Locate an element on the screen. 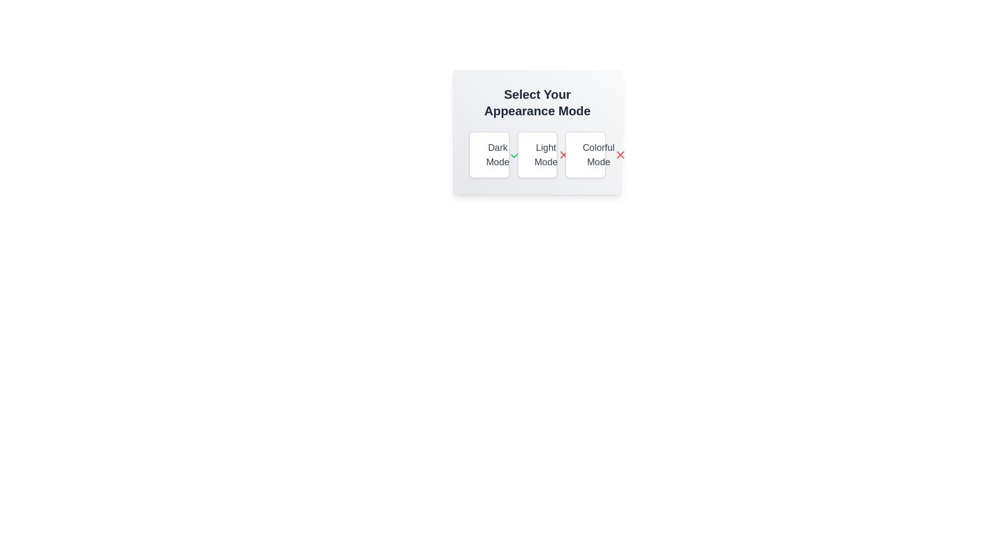 The height and width of the screenshot is (556, 988). the appearance mode Dark Mode by clicking on its respective button is located at coordinates (488, 154).